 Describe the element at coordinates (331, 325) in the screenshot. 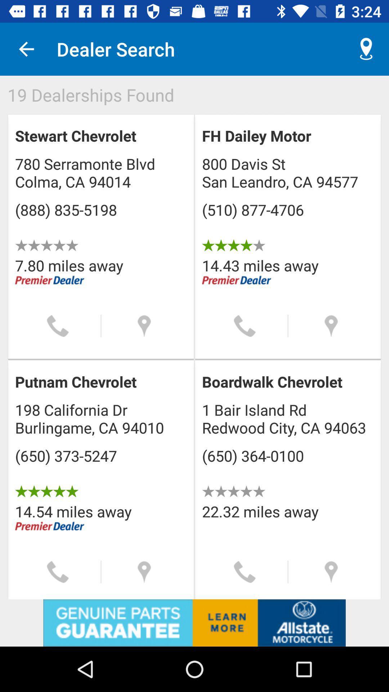

I see `find the location` at that location.